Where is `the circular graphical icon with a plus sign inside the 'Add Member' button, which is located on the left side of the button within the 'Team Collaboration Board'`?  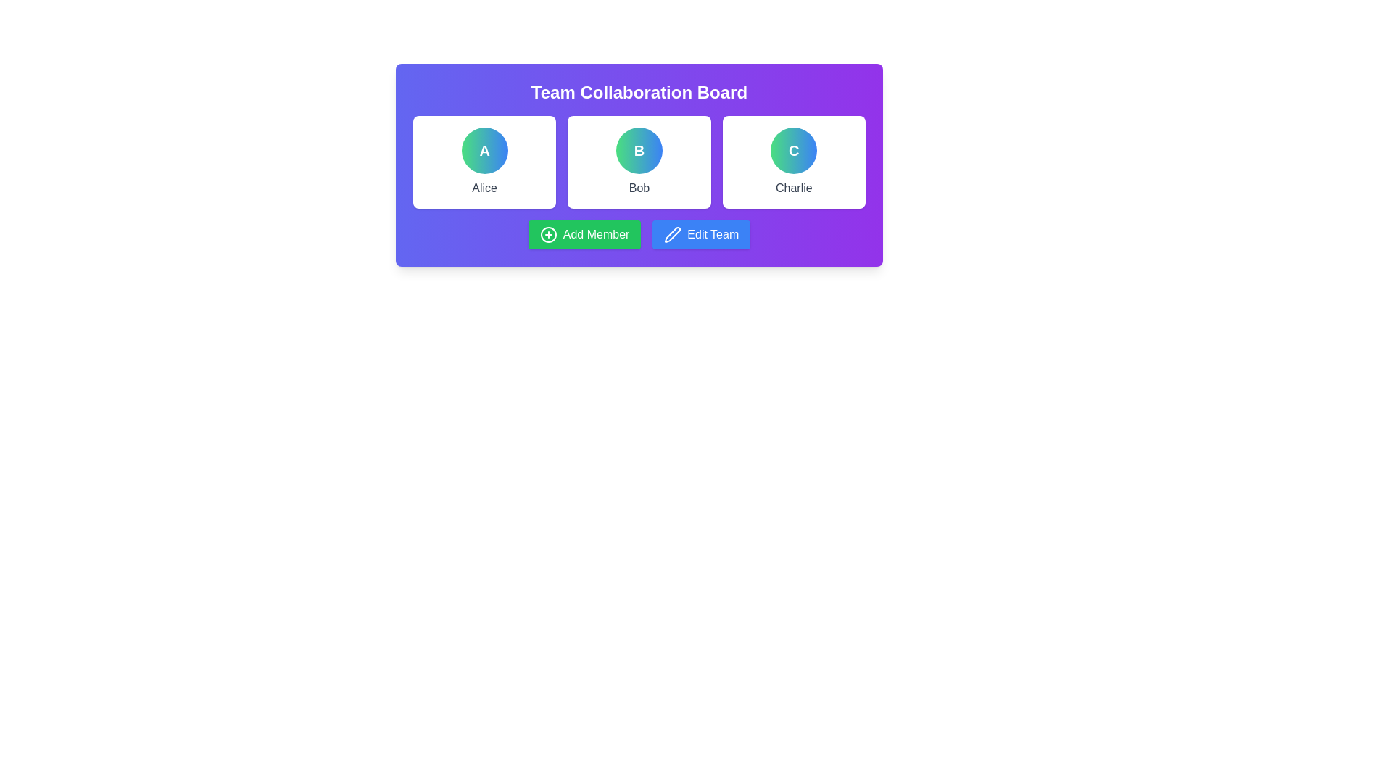 the circular graphical icon with a plus sign inside the 'Add Member' button, which is located on the left side of the button within the 'Team Collaboration Board' is located at coordinates (547, 234).